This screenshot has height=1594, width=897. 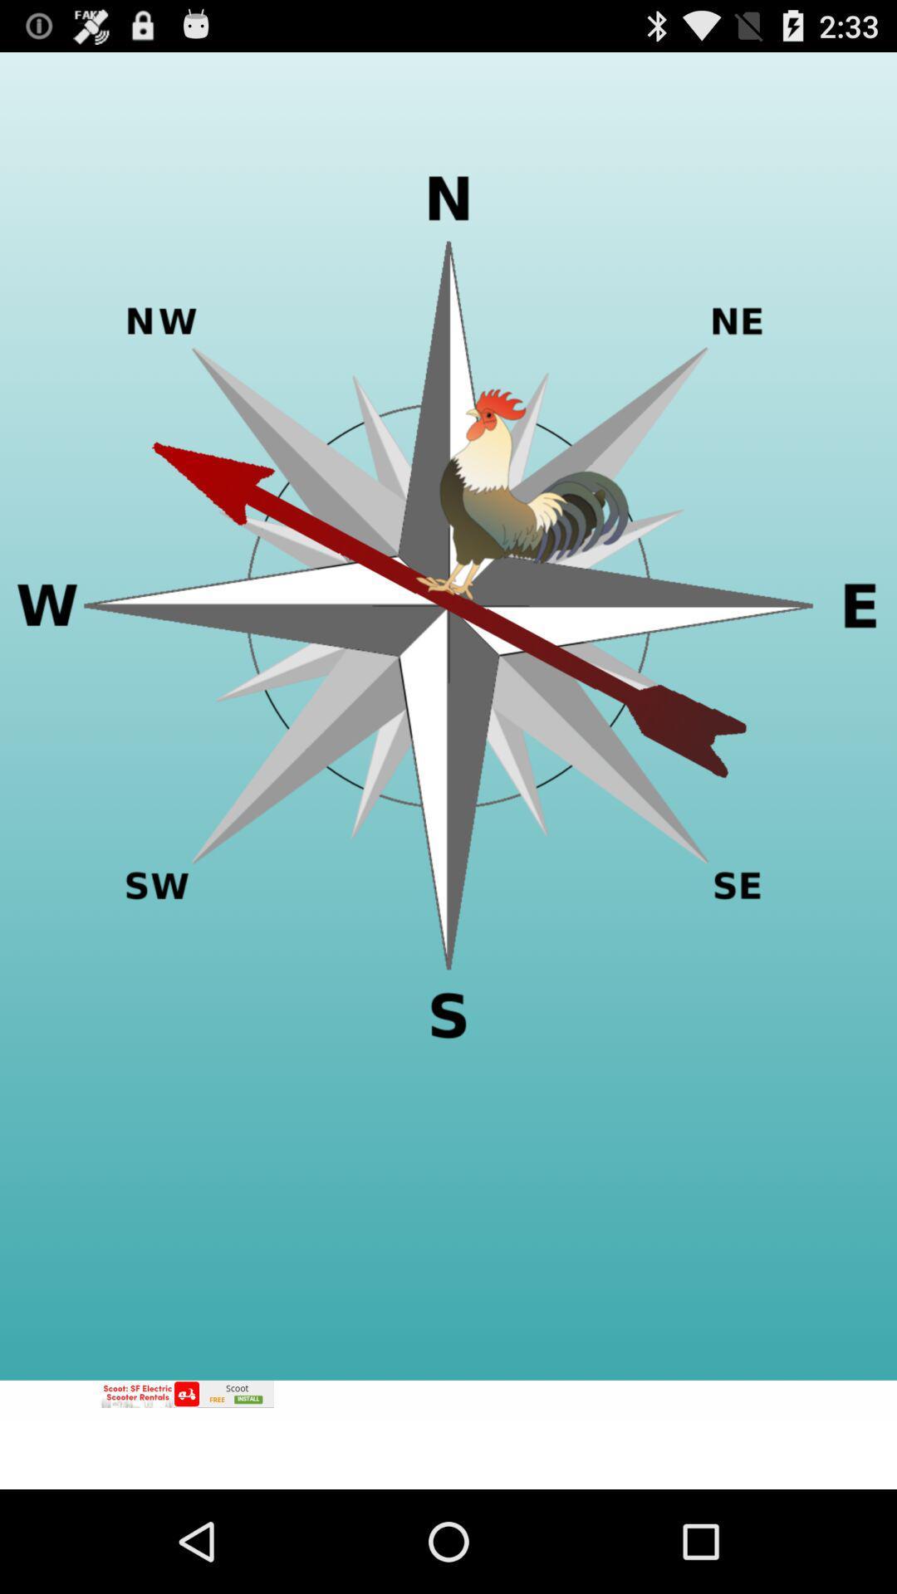 I want to click on advertisement banner would take off site, so click(x=448, y=1434).